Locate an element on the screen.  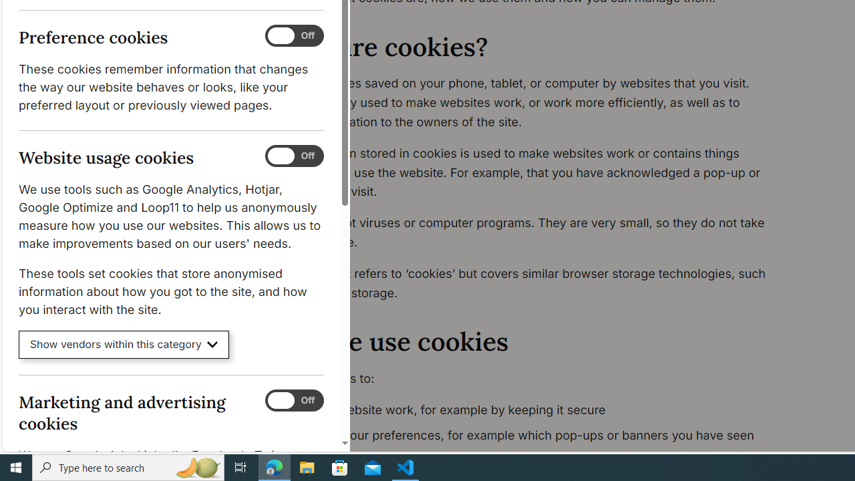
'Show vendors within this category' is located at coordinates (124, 344).